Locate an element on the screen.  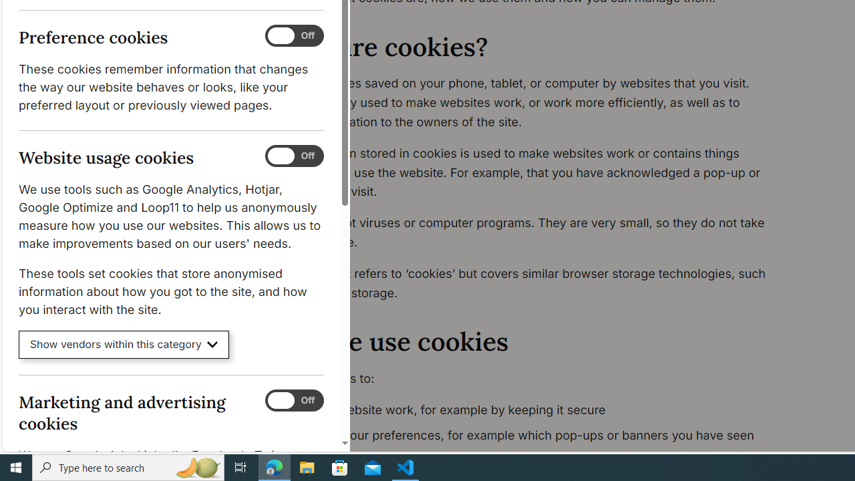
'Show vendors within this category' is located at coordinates (124, 344).